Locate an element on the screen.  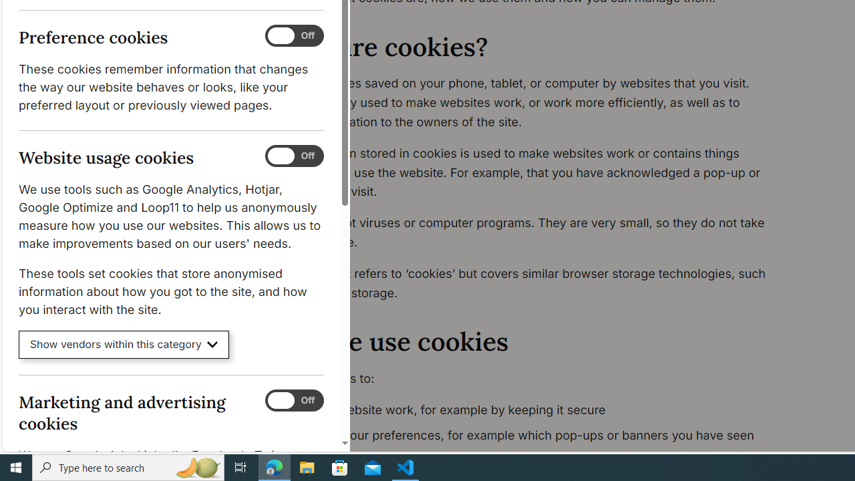
'Show vendors within this category' is located at coordinates (124, 344).